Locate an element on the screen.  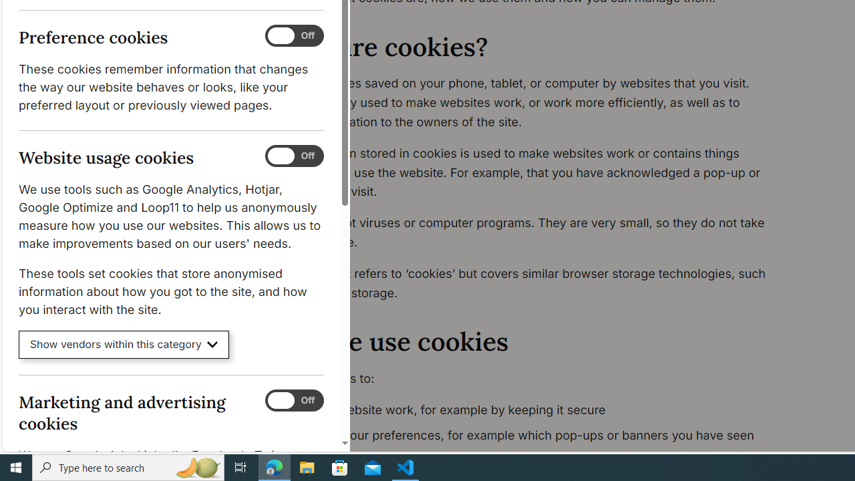
'Show vendors within this category' is located at coordinates (124, 344).